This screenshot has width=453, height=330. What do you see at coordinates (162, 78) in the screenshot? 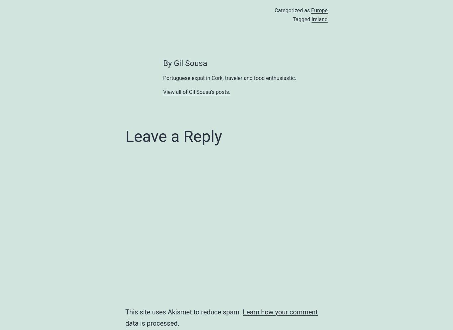
I see `'Portuguese expat in Cork, traveler and food enthusiastic.'` at bounding box center [162, 78].